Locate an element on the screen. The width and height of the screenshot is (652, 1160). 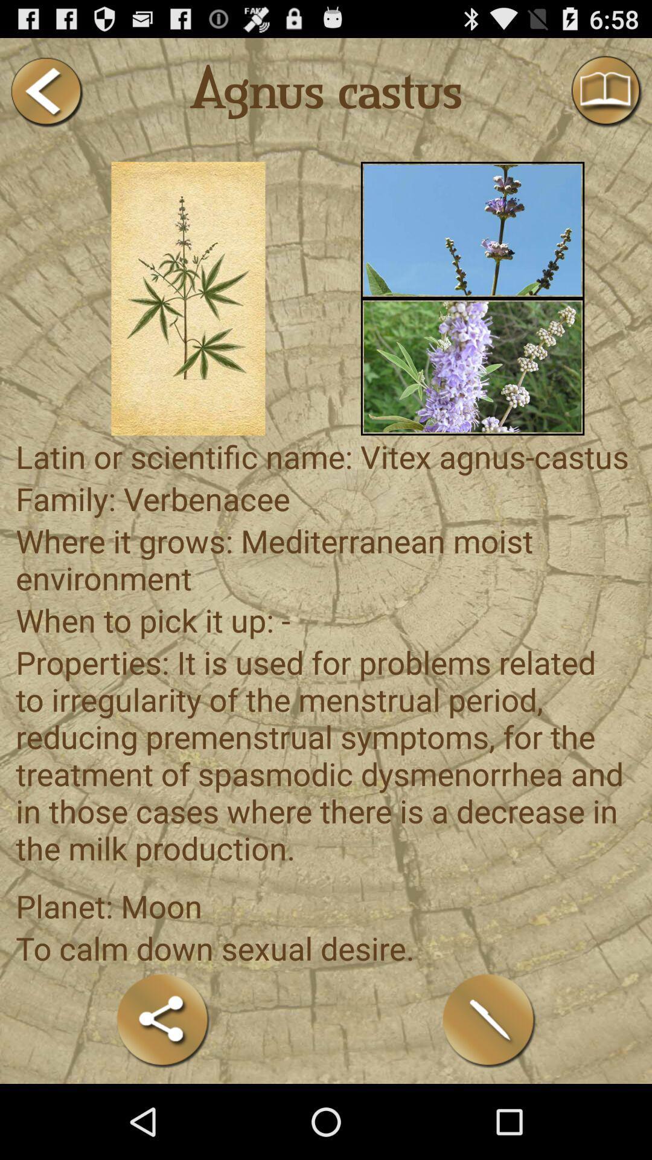
write a post is located at coordinates (489, 1020).